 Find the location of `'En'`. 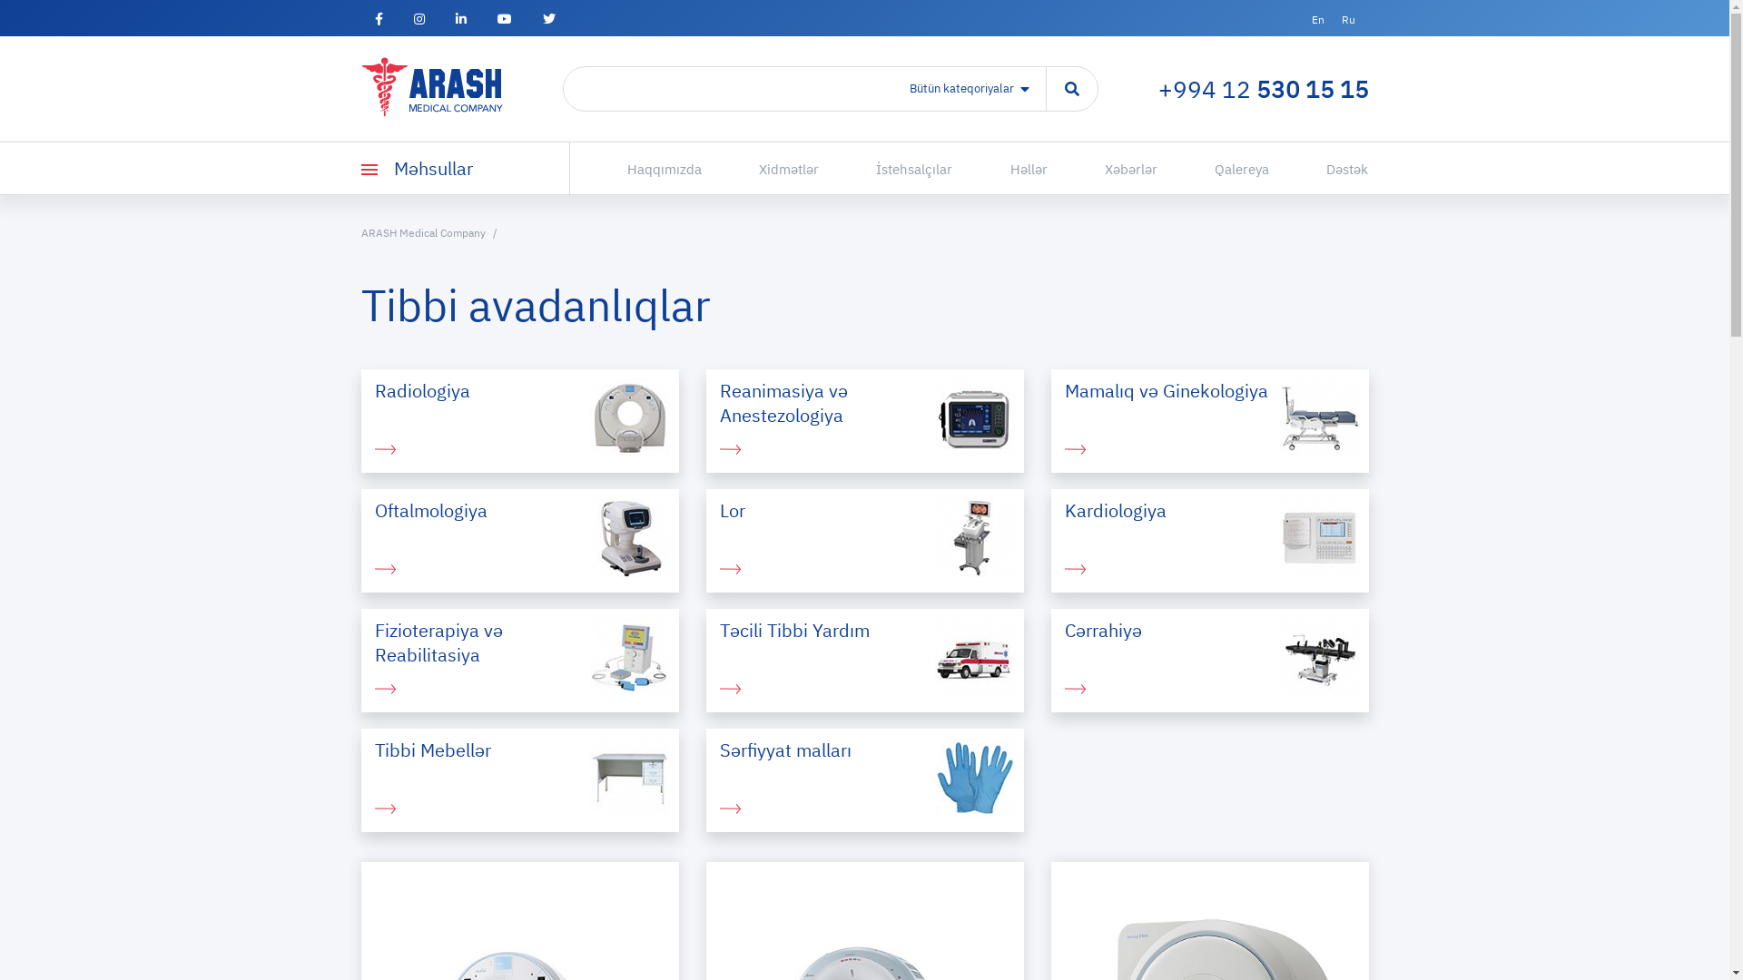

'En' is located at coordinates (1316, 19).